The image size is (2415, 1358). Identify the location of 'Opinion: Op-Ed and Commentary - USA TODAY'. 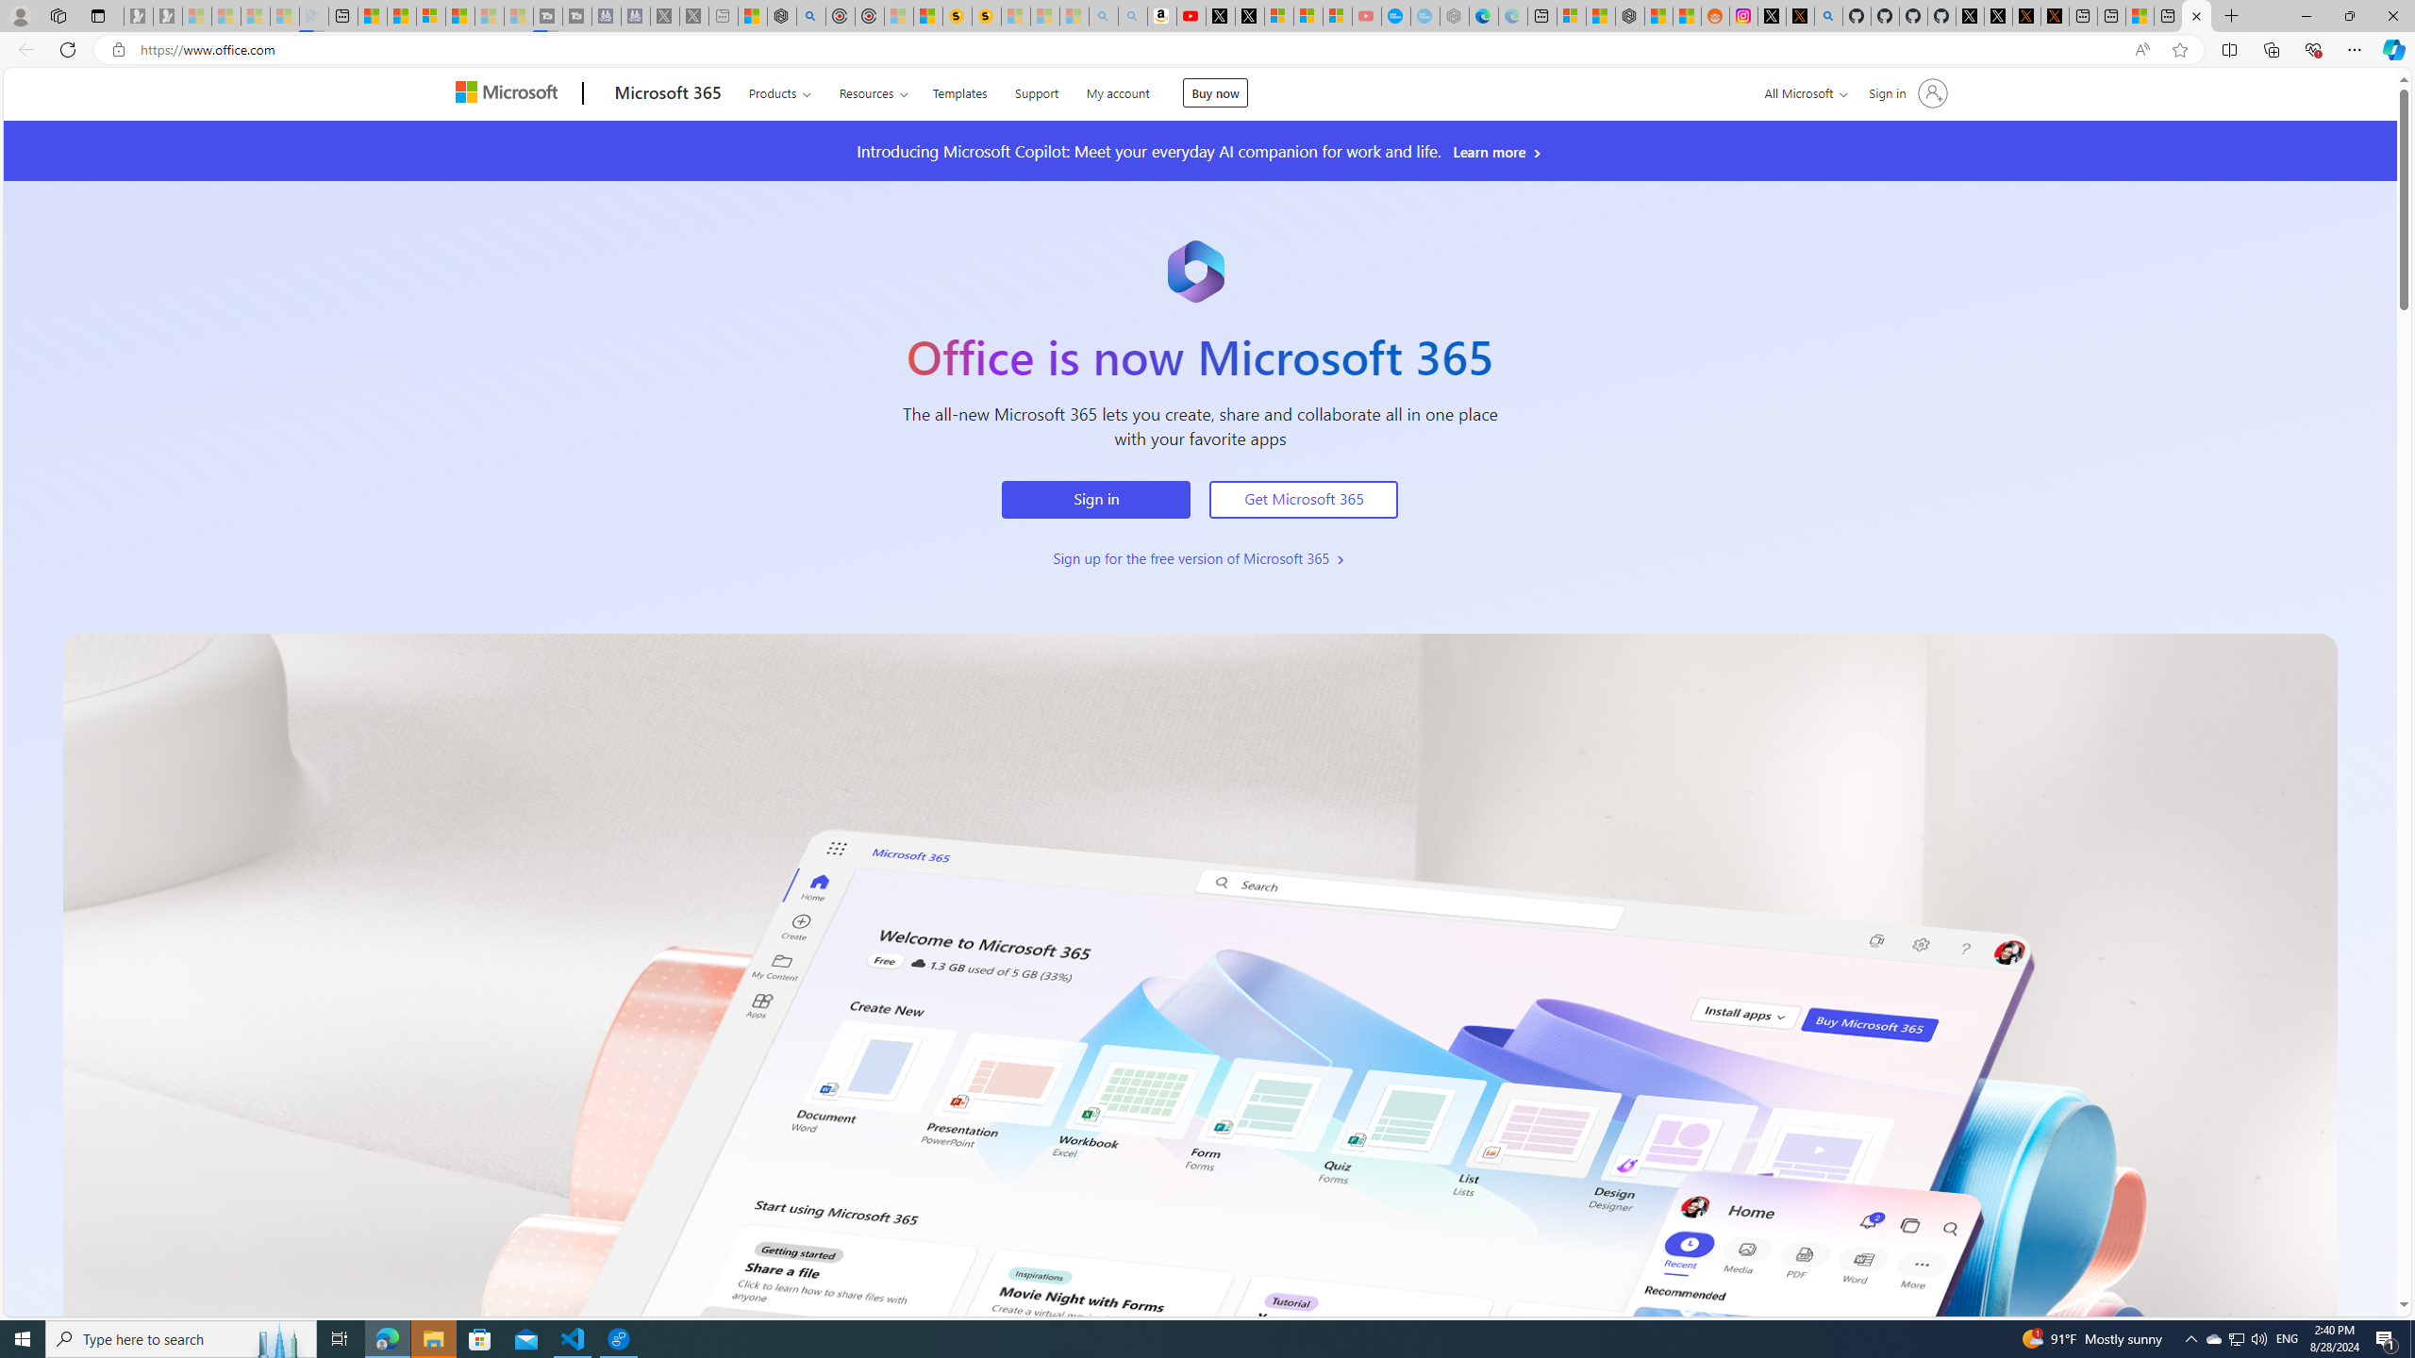
(1395, 15).